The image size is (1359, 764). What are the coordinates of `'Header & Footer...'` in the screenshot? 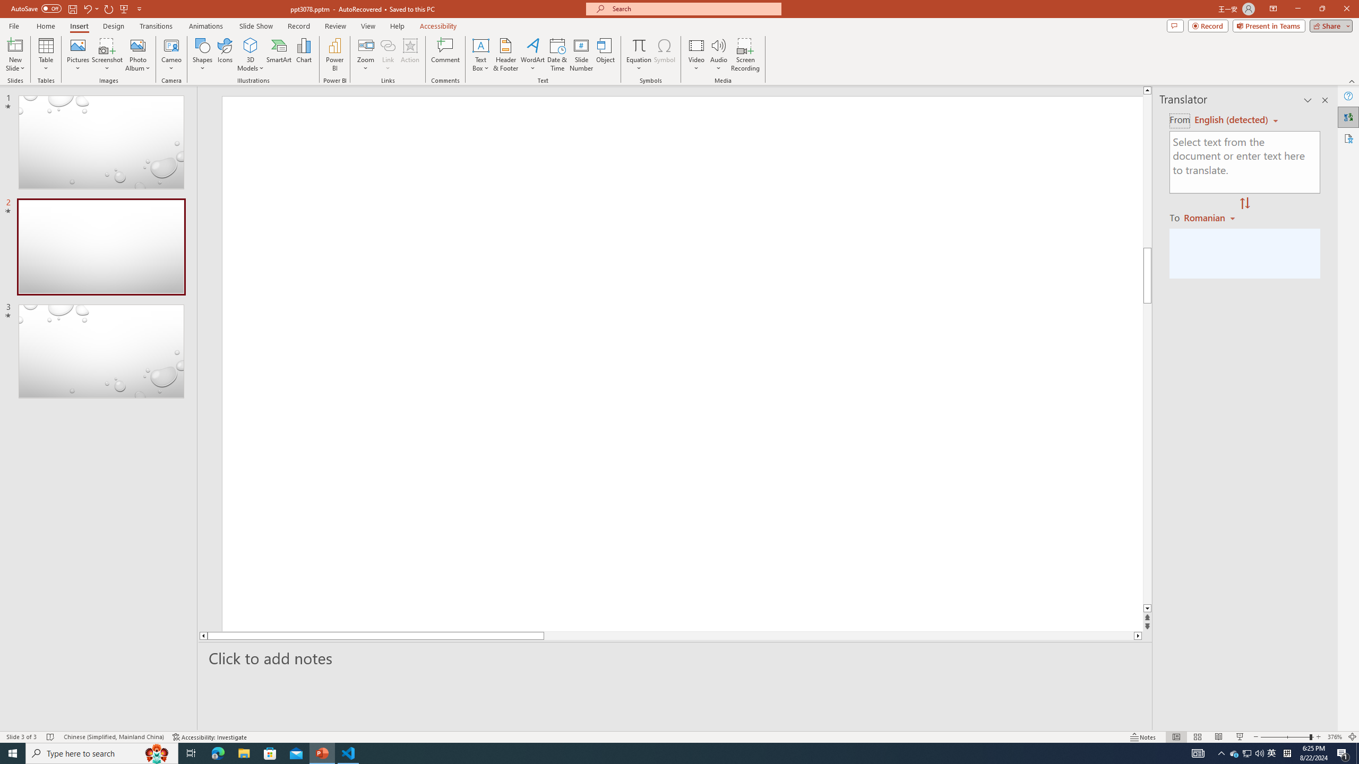 It's located at (505, 55).